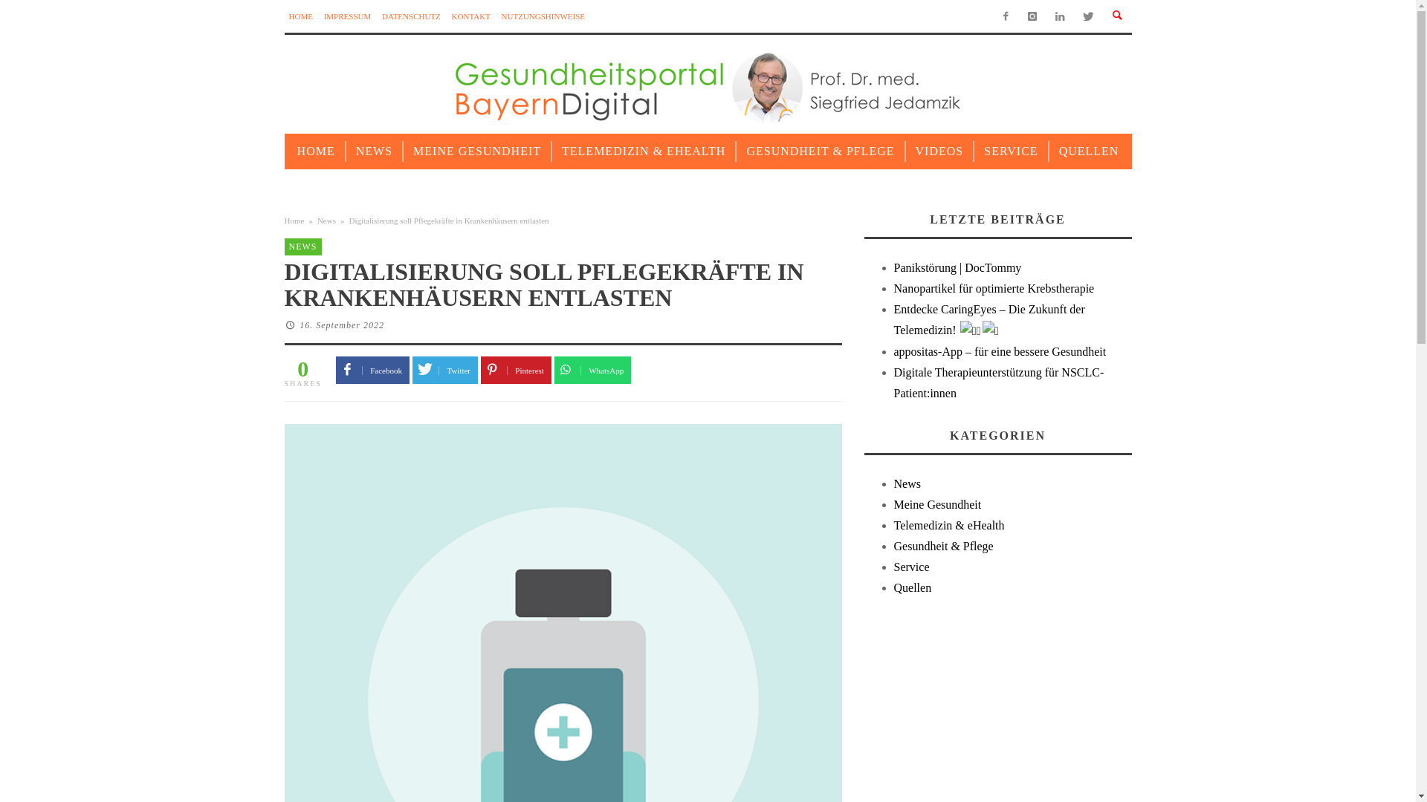 The width and height of the screenshot is (1427, 802). Describe the element at coordinates (542, 16) in the screenshot. I see `'NUTZUNGSHINWEISE'` at that location.